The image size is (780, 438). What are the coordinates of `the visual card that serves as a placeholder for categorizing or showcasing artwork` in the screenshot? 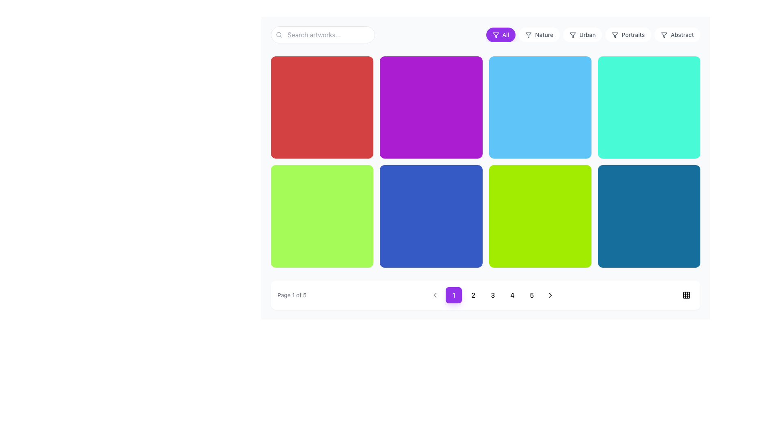 It's located at (431, 107).